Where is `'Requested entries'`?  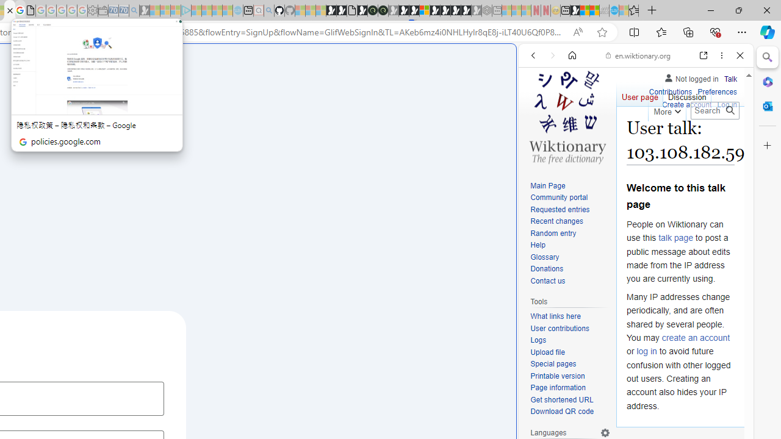 'Requested entries' is located at coordinates (559, 209).